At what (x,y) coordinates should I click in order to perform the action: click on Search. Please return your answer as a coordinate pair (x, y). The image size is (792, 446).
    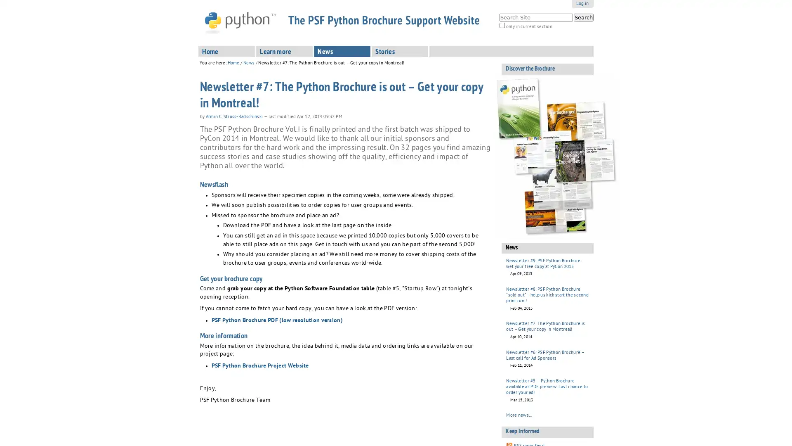
    Looking at the image, I should click on (583, 17).